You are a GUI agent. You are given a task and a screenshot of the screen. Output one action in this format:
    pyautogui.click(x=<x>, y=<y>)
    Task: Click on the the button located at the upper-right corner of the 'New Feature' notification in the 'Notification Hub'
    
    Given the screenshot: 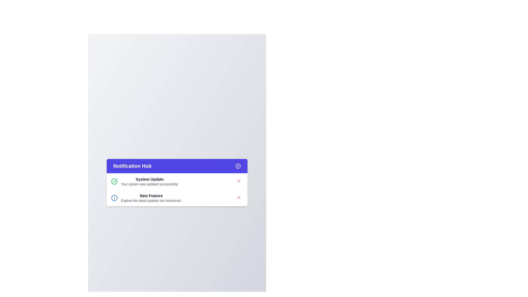 What is the action you would take?
    pyautogui.click(x=239, y=197)
    